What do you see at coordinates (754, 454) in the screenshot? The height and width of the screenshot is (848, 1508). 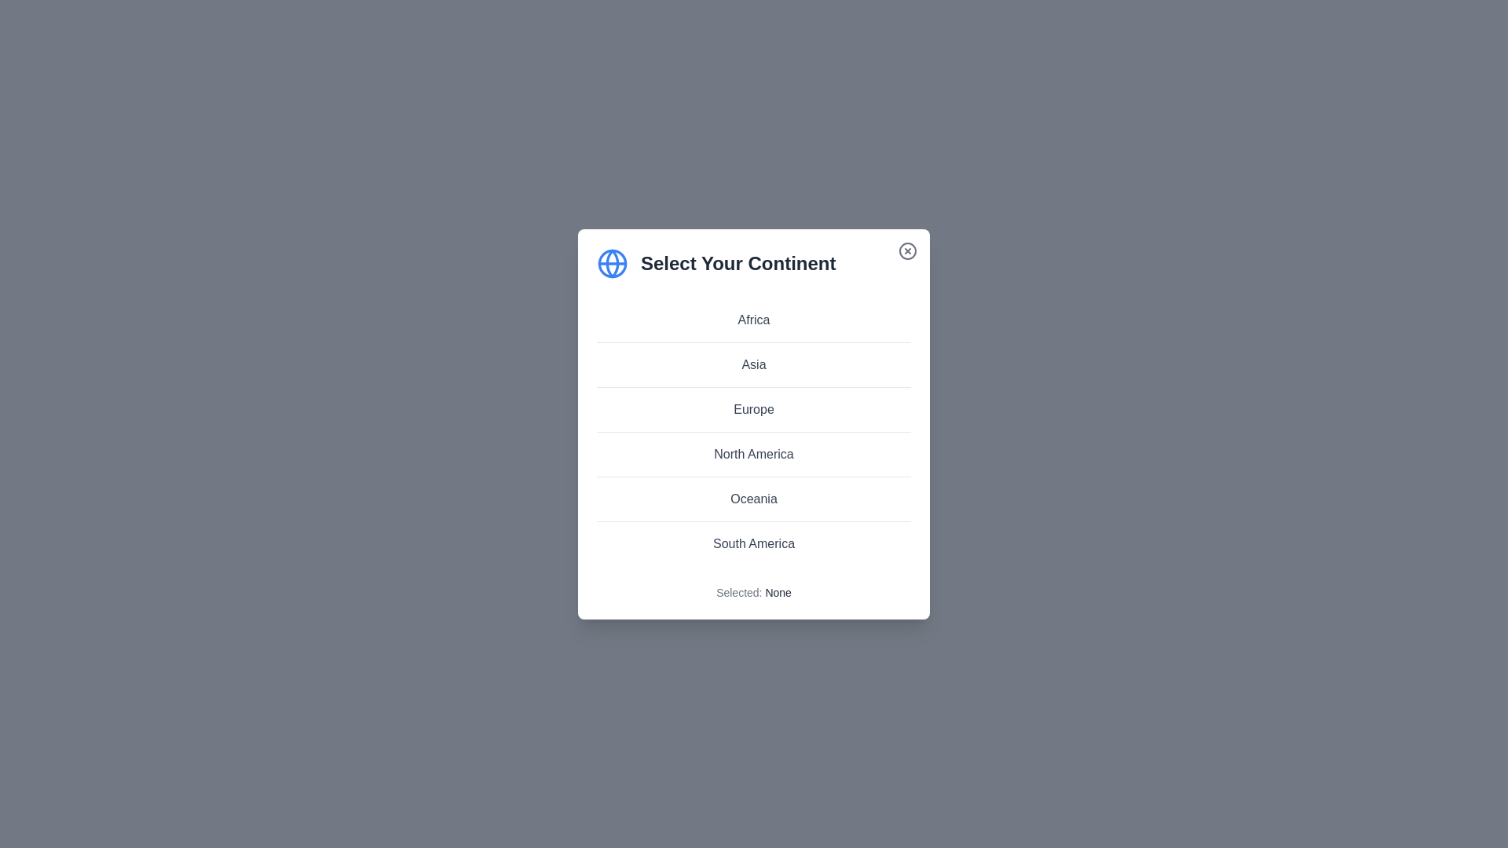 I see `the continent North America from the list` at bounding box center [754, 454].